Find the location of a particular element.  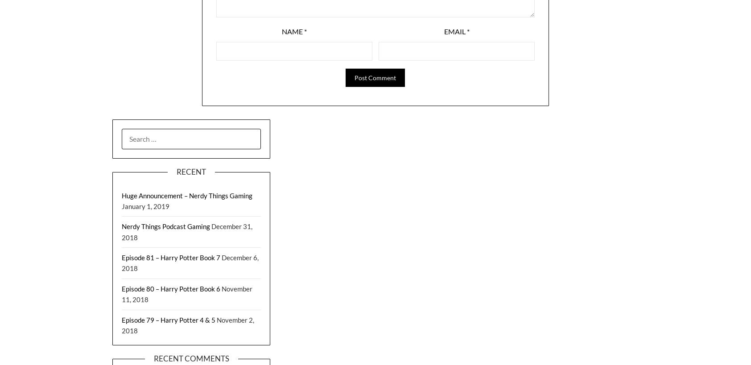

'November 11, 2018' is located at coordinates (187, 294).